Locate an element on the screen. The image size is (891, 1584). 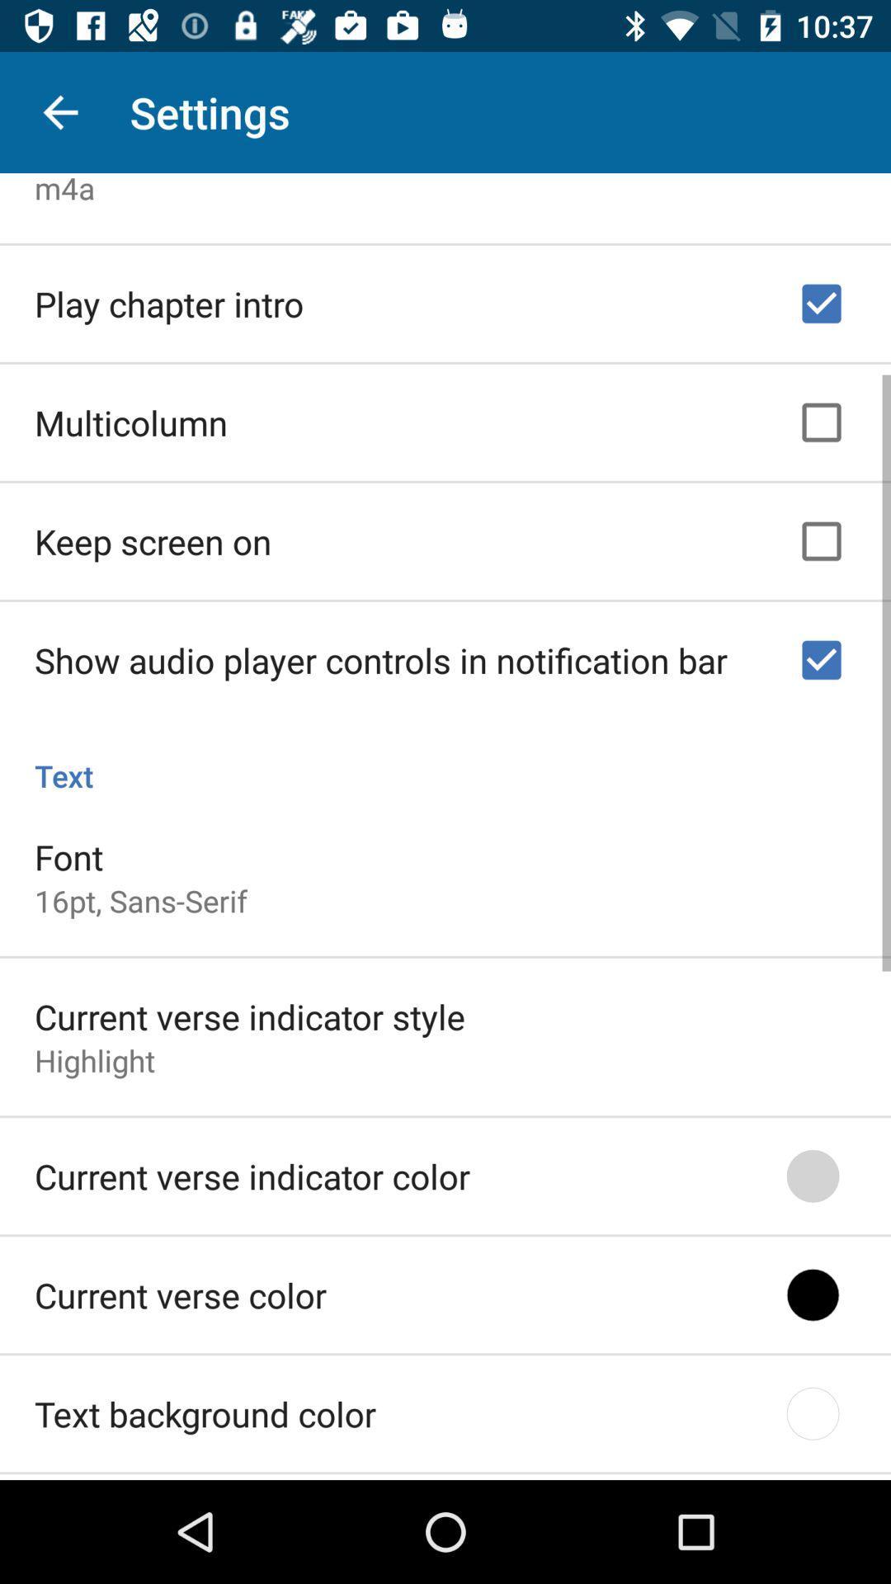
the keep screen on icon is located at coordinates (153, 536).